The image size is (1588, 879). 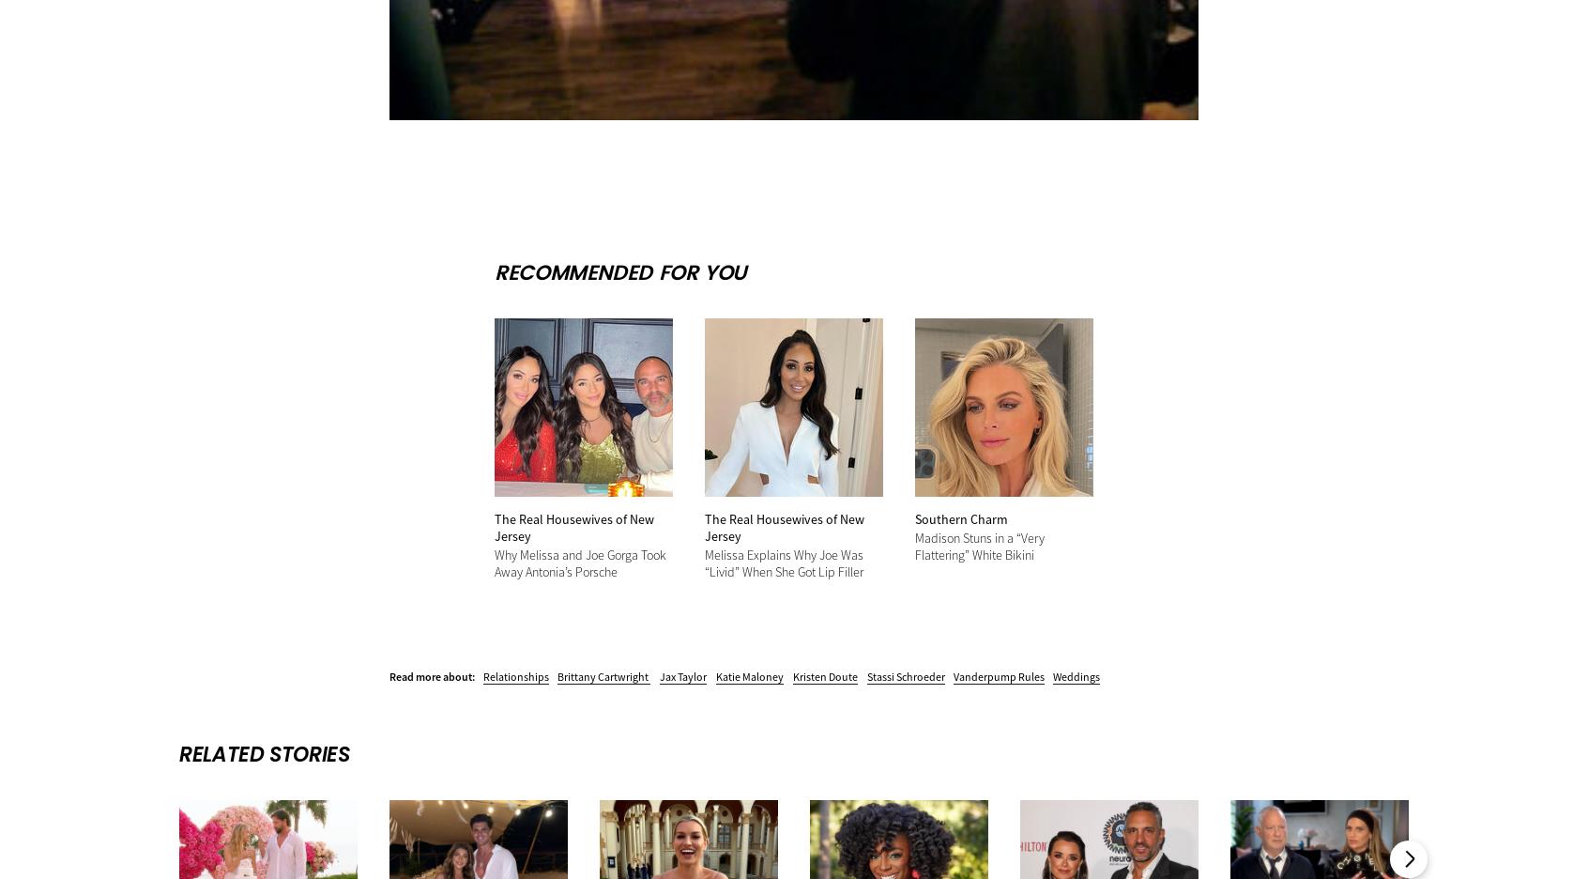 What do you see at coordinates (603, 674) in the screenshot?
I see `'Brittany Cartwright'` at bounding box center [603, 674].